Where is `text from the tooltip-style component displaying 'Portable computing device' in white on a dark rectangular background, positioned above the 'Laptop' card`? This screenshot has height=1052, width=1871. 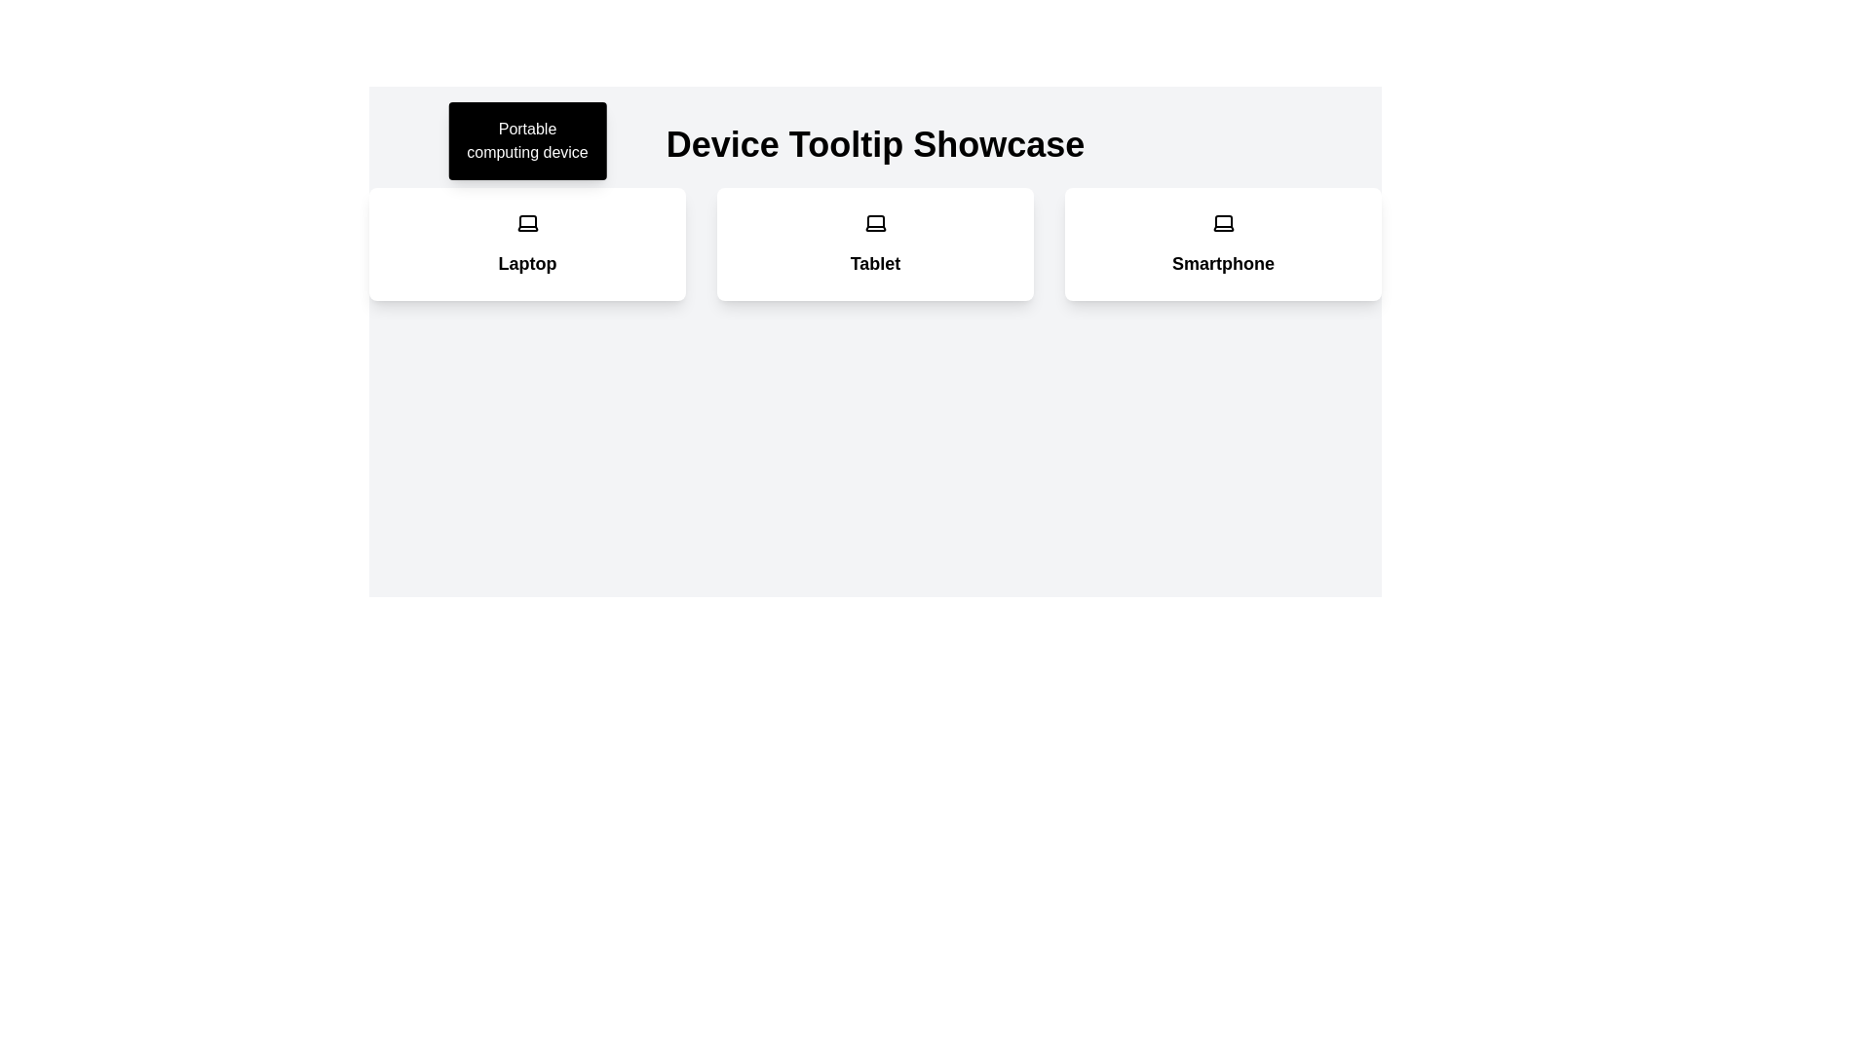 text from the tooltip-style component displaying 'Portable computing device' in white on a dark rectangular background, positioned above the 'Laptop' card is located at coordinates (527, 140).